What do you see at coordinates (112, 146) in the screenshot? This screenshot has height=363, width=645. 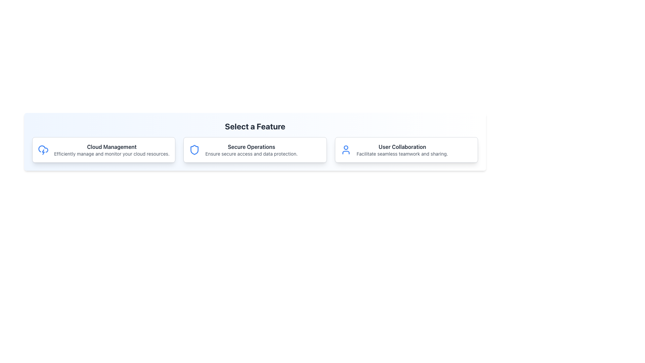 I see `the 'Cloud Management' title text label located at the top of the leftmost card in a three-card layout` at bounding box center [112, 146].